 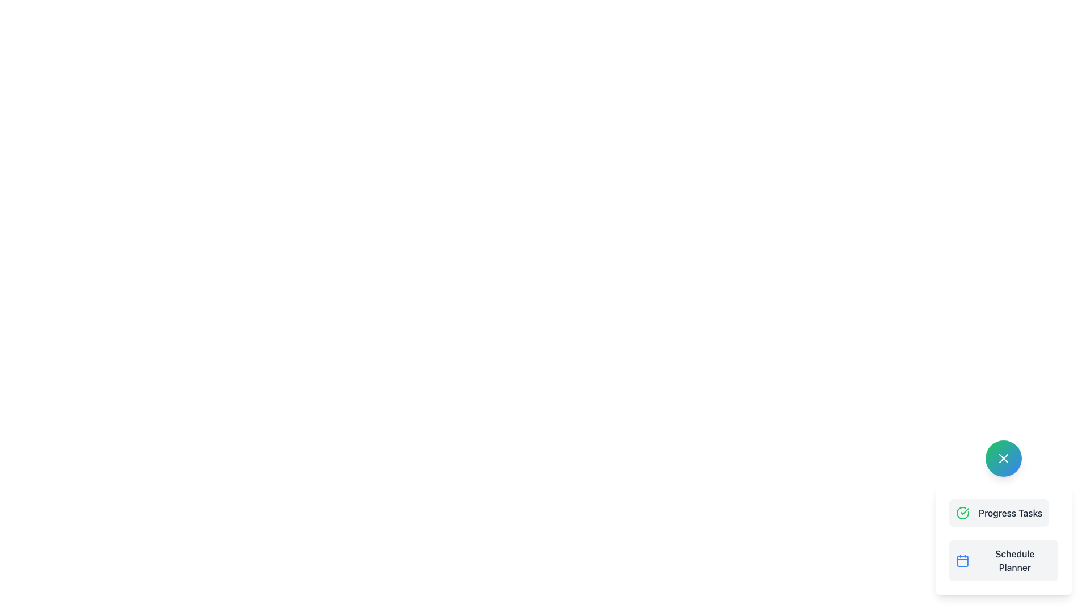 I want to click on the calendar icon located in the 'Schedule Planner' section, so click(x=962, y=560).